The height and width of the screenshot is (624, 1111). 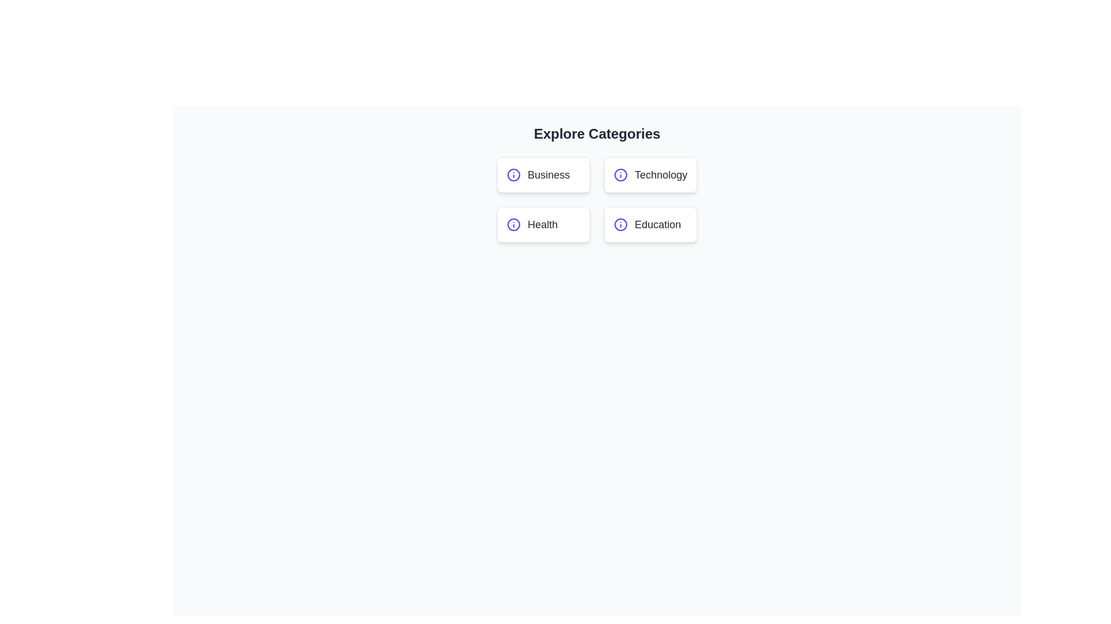 What do you see at coordinates (542, 225) in the screenshot?
I see `text content of the 'Health' category label located in the second row, first column of the grid layout under 'Explore Categories', which is visually aligned next to an informational icon` at bounding box center [542, 225].